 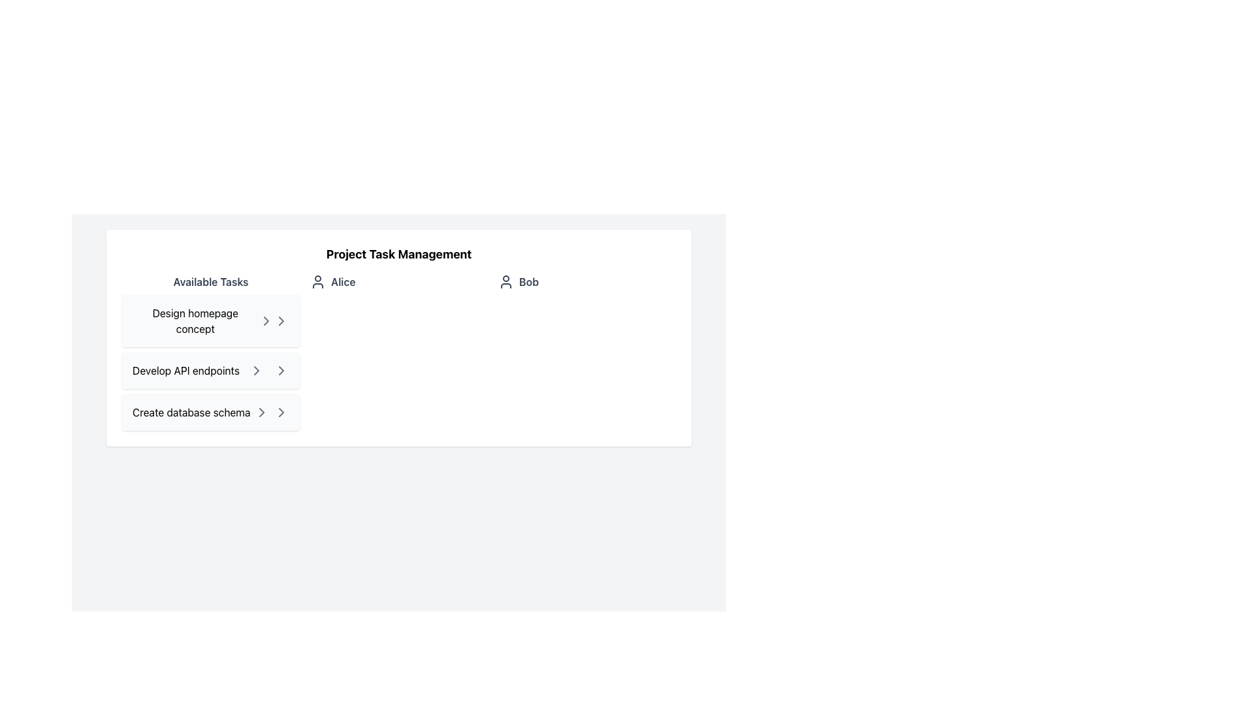 What do you see at coordinates (210, 413) in the screenshot?
I see `the third selectable task item in the list` at bounding box center [210, 413].